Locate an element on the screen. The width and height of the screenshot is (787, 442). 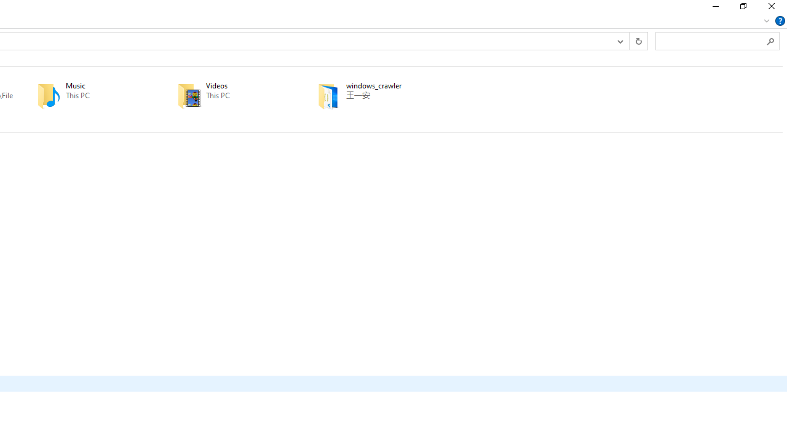
'Music' is located at coordinates (89, 95).